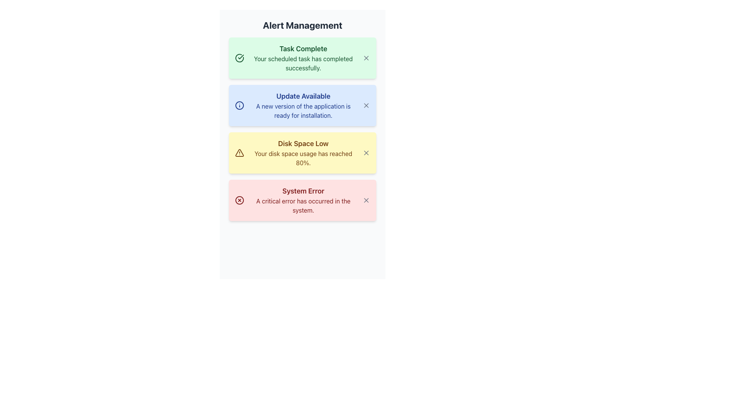 This screenshot has width=735, height=413. I want to click on the close button represented by a cross (X) icon located at the top-right corner of the blue alert box labeled 'Update Available', so click(366, 106).